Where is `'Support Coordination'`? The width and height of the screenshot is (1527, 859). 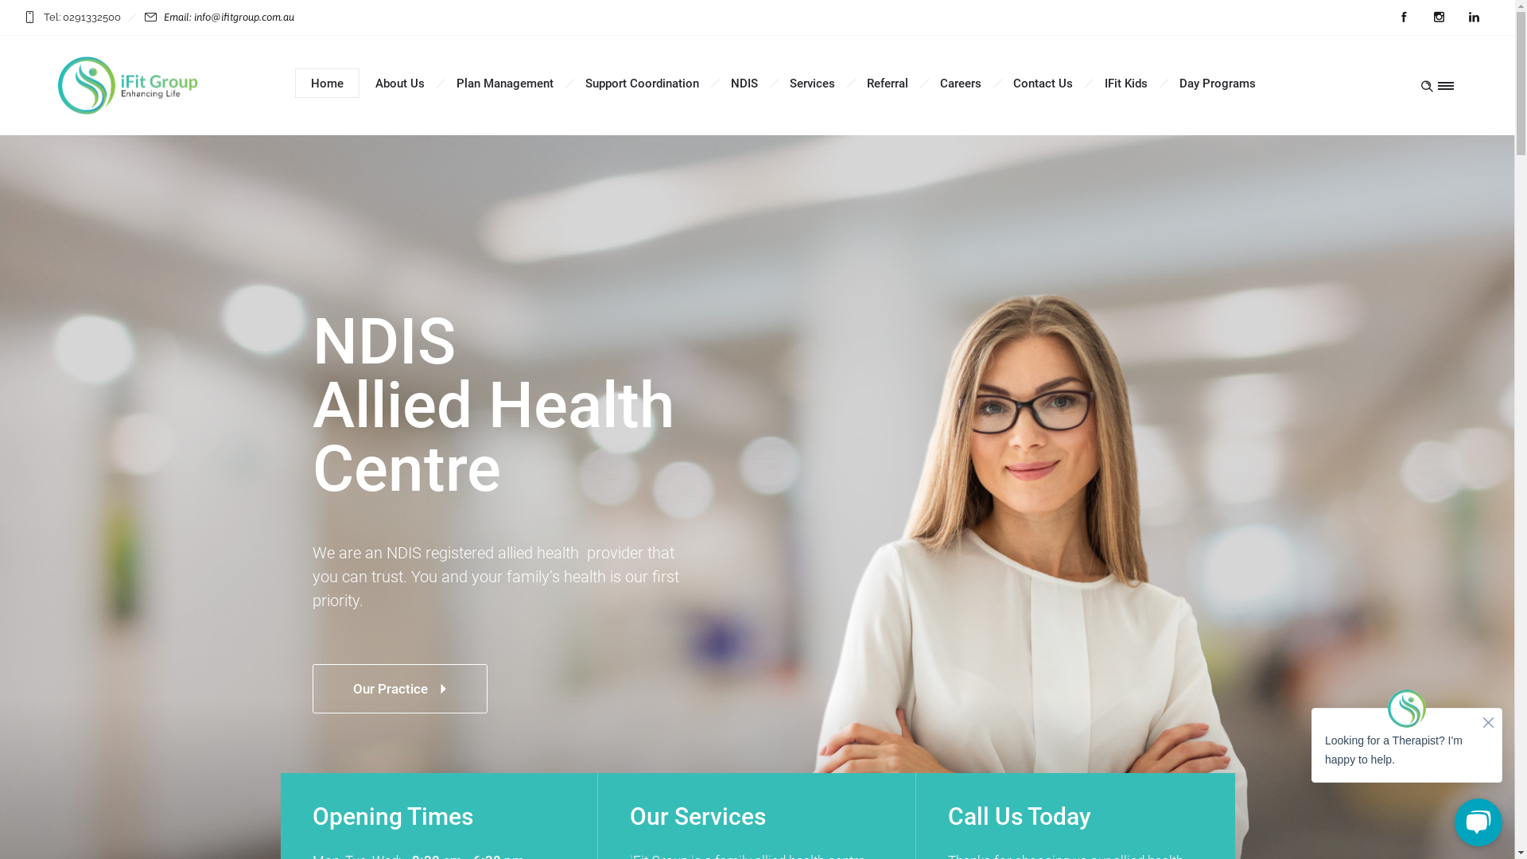 'Support Coordination' is located at coordinates (642, 83).